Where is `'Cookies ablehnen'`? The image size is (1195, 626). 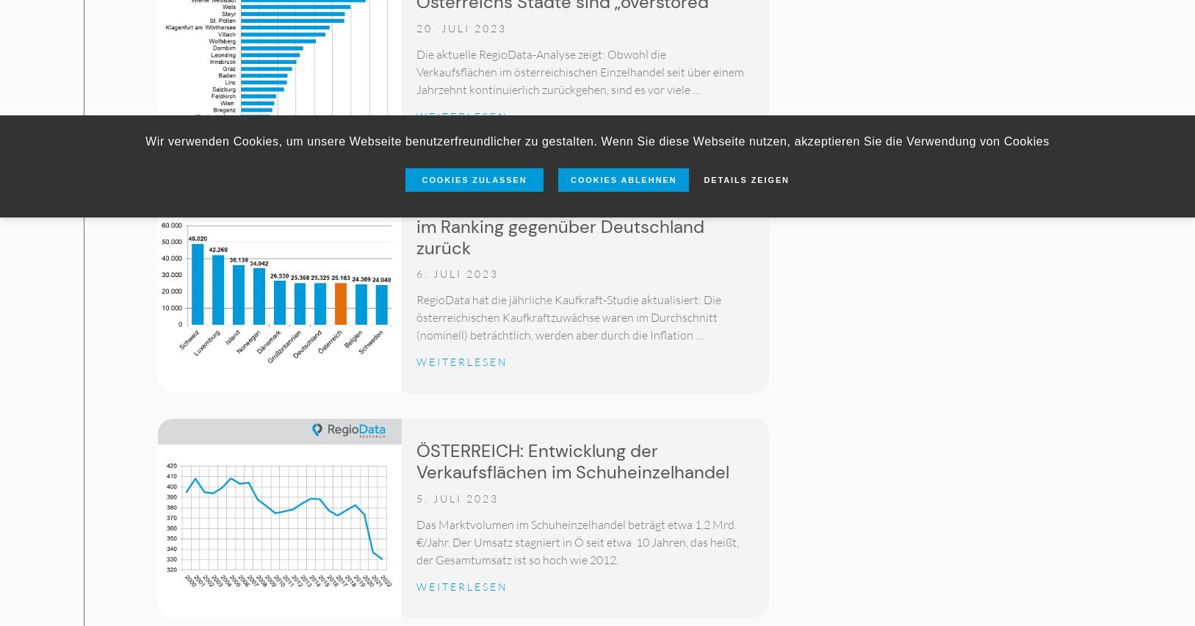 'Cookies ablehnen' is located at coordinates (623, 179).